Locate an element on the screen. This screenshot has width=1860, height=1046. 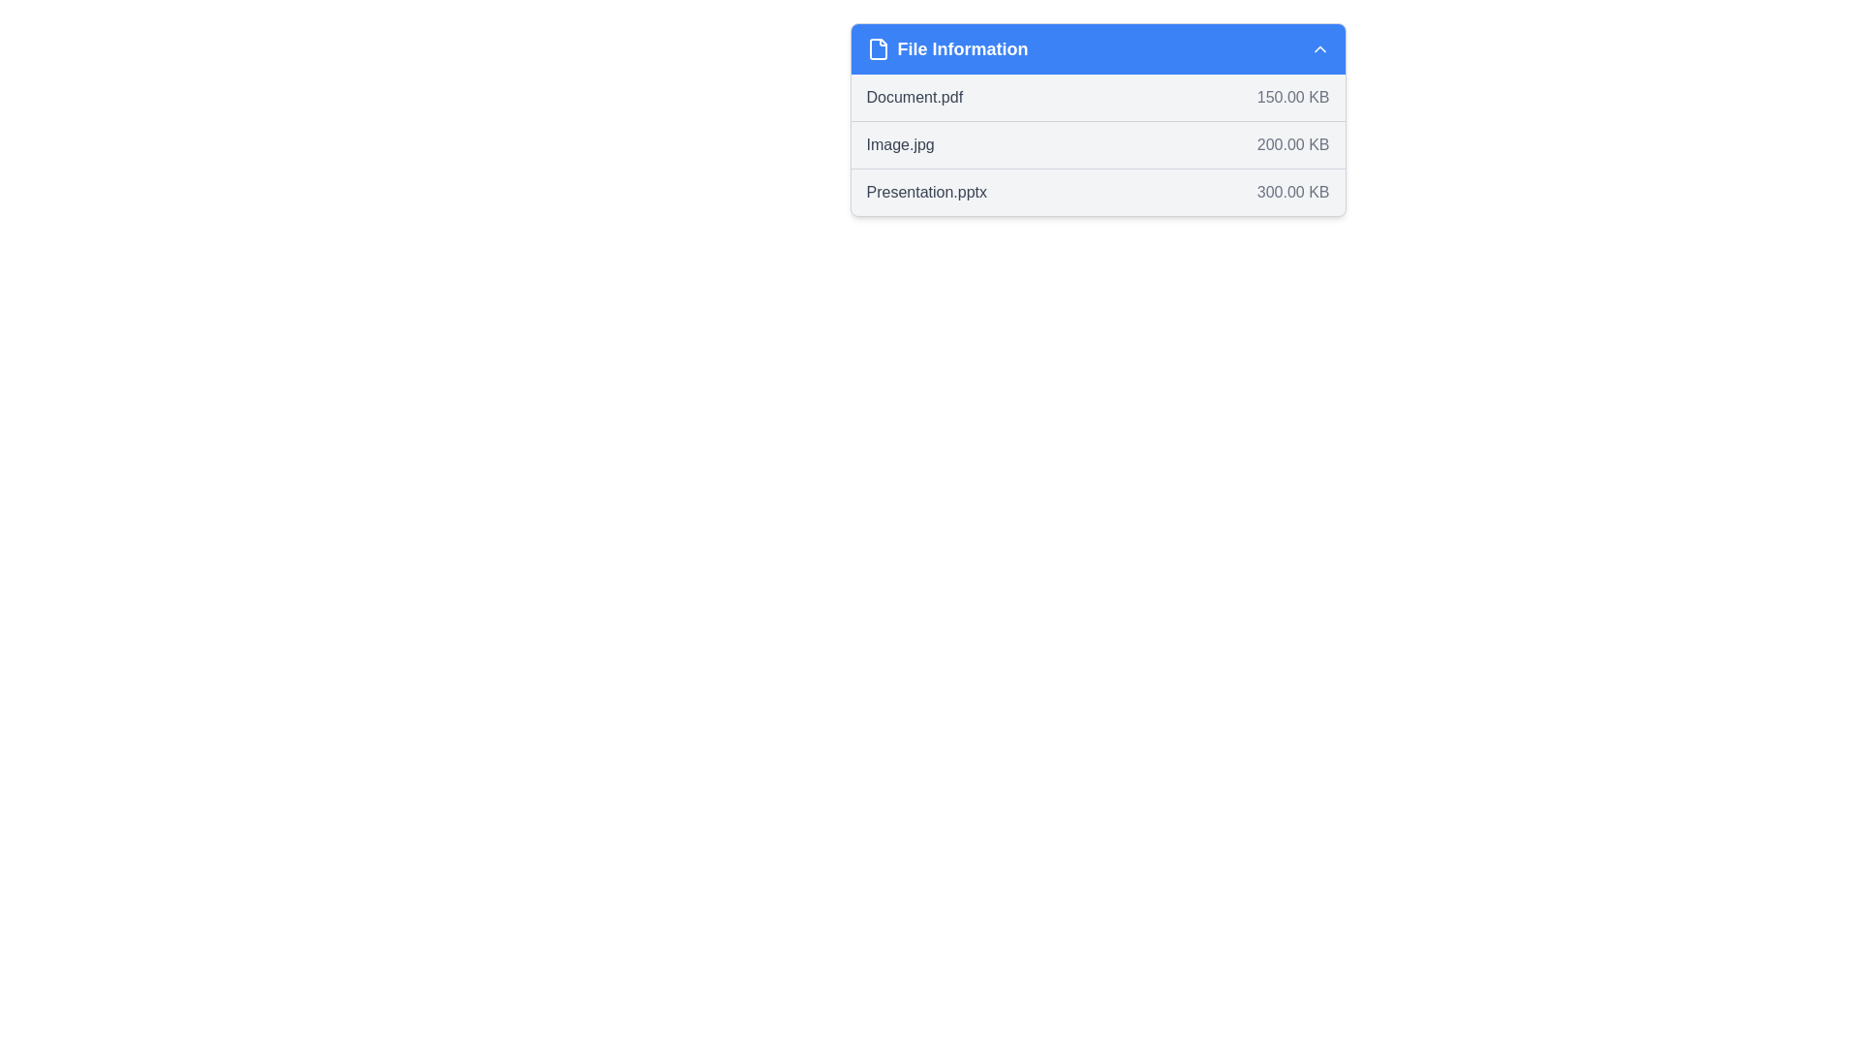
the File information row displaying details for 'Image.jpg' including its size, 200.00 KB, which is the second item in the vertical list under 'File Information' is located at coordinates (1098, 144).